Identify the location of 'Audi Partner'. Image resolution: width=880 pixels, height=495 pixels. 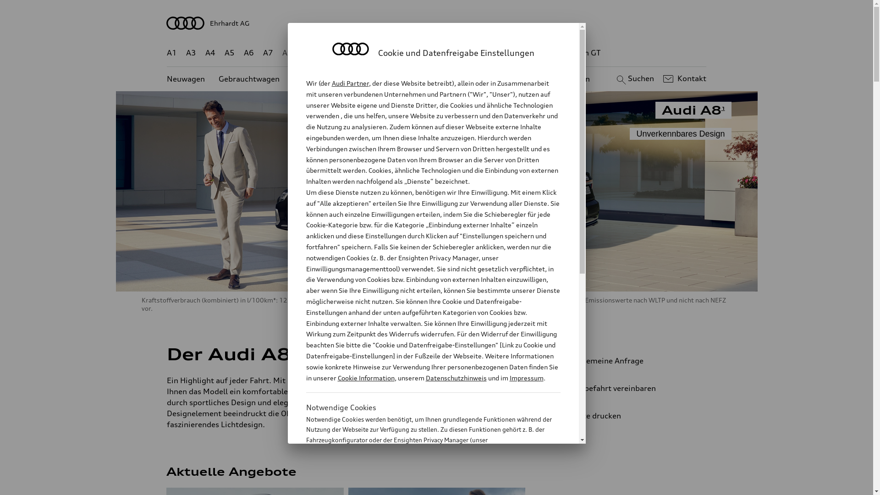
(350, 83).